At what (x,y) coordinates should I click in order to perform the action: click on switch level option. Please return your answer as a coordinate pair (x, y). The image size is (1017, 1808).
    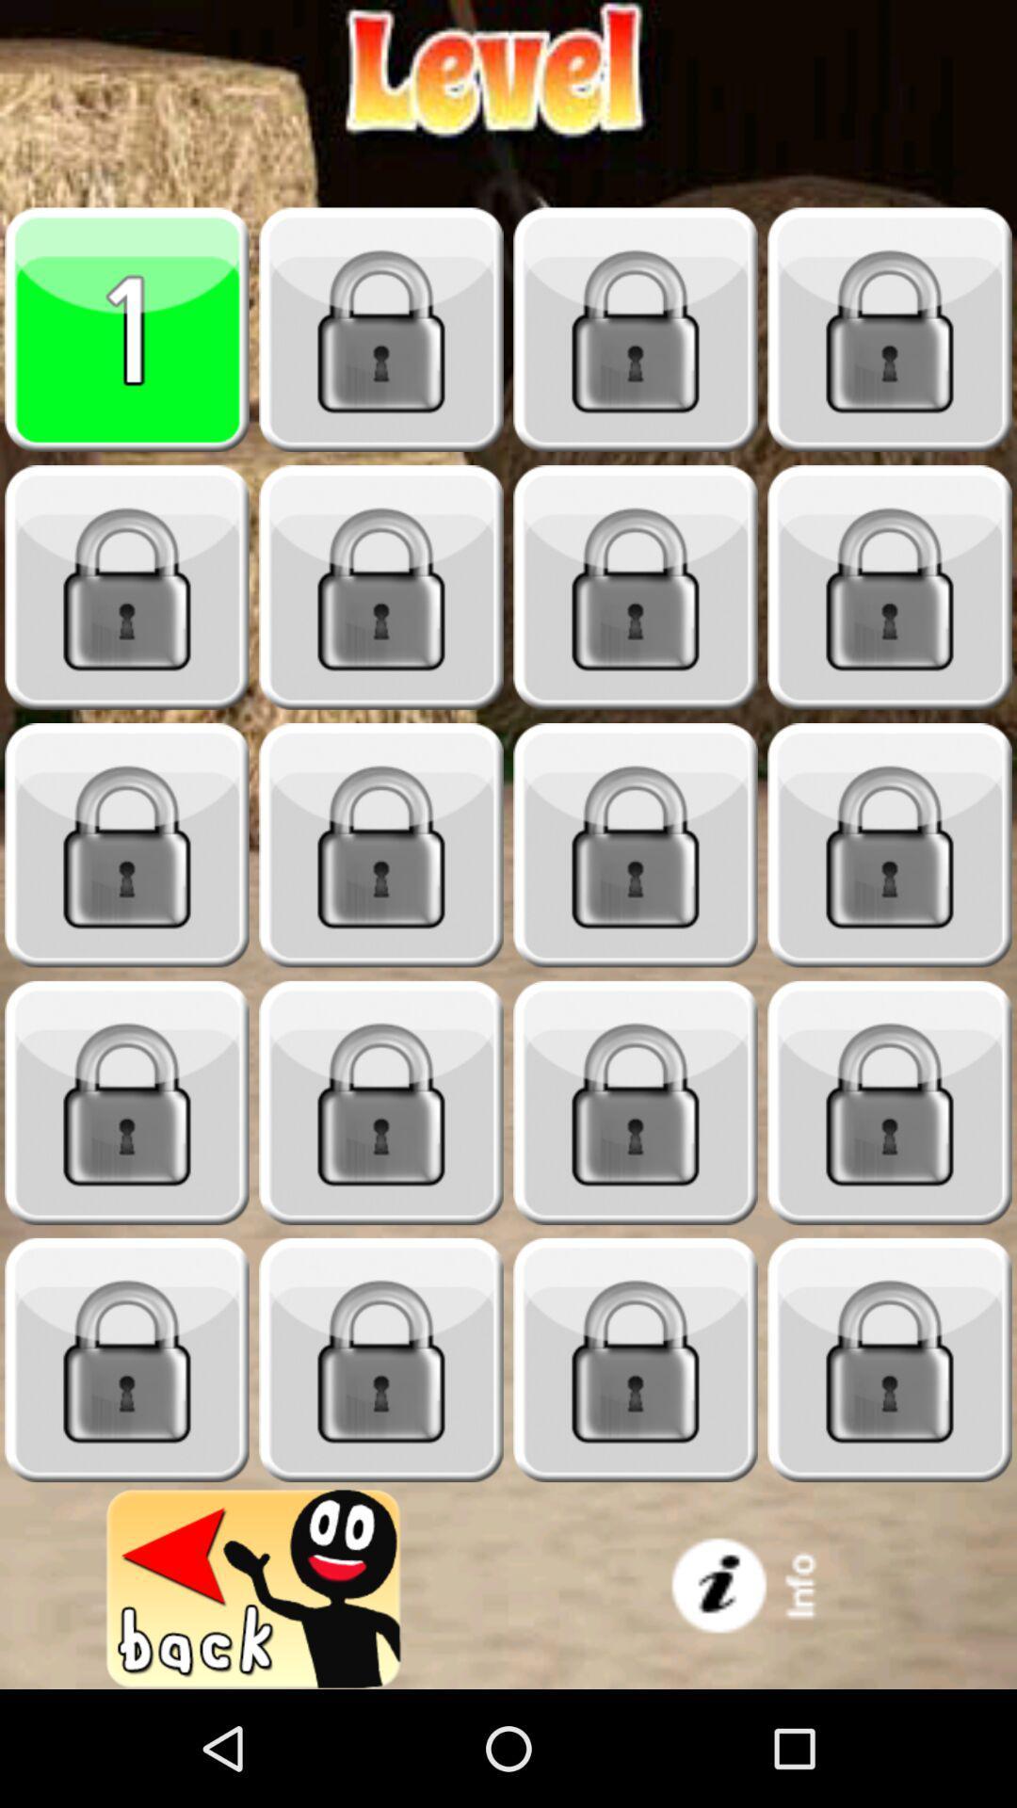
    Looking at the image, I should click on (127, 1360).